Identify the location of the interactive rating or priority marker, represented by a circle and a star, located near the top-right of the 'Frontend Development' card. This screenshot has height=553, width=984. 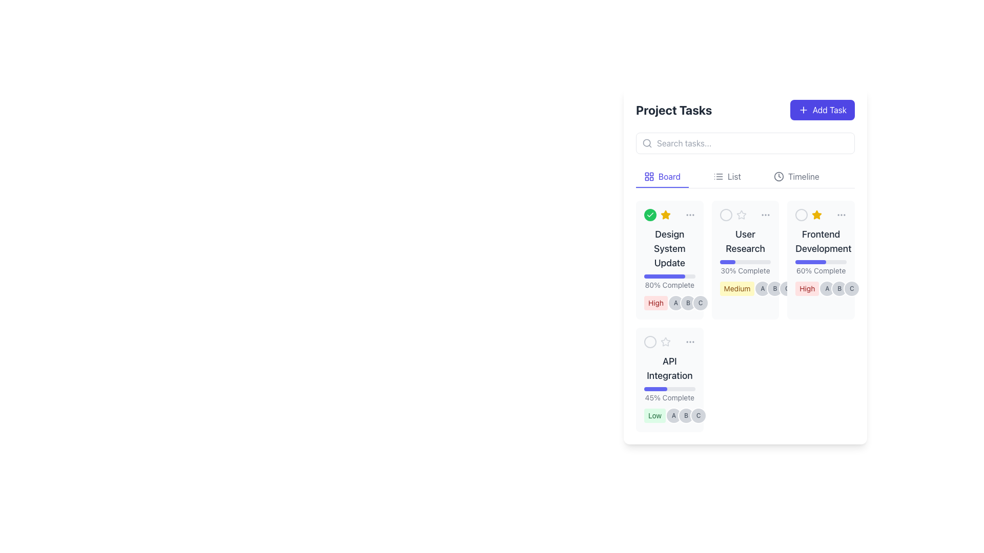
(808, 215).